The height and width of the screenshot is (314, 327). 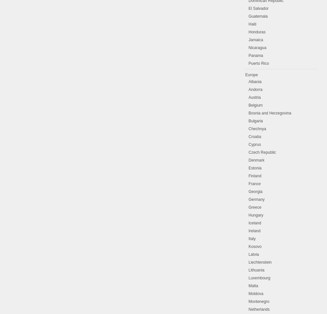 I want to click on 'Bosnia and Herzegovina', so click(x=249, y=113).